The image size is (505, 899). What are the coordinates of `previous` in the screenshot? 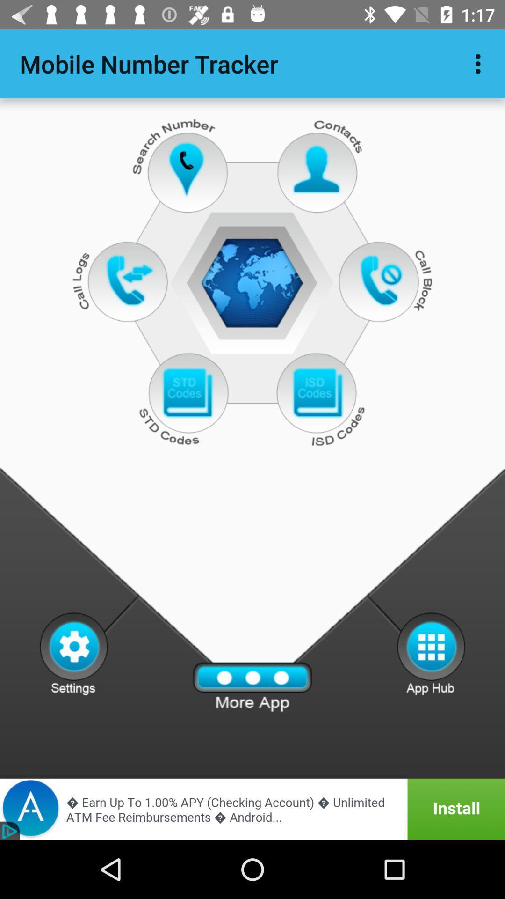 It's located at (317, 393).